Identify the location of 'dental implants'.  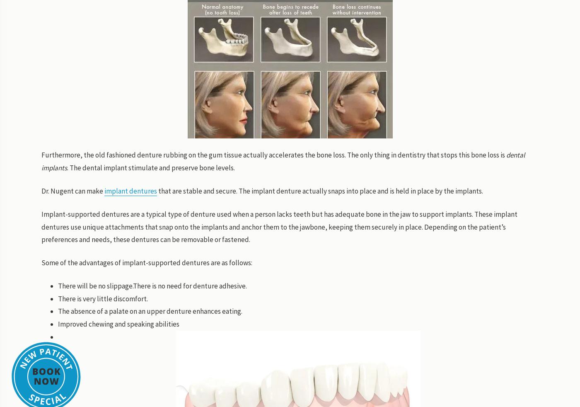
(283, 161).